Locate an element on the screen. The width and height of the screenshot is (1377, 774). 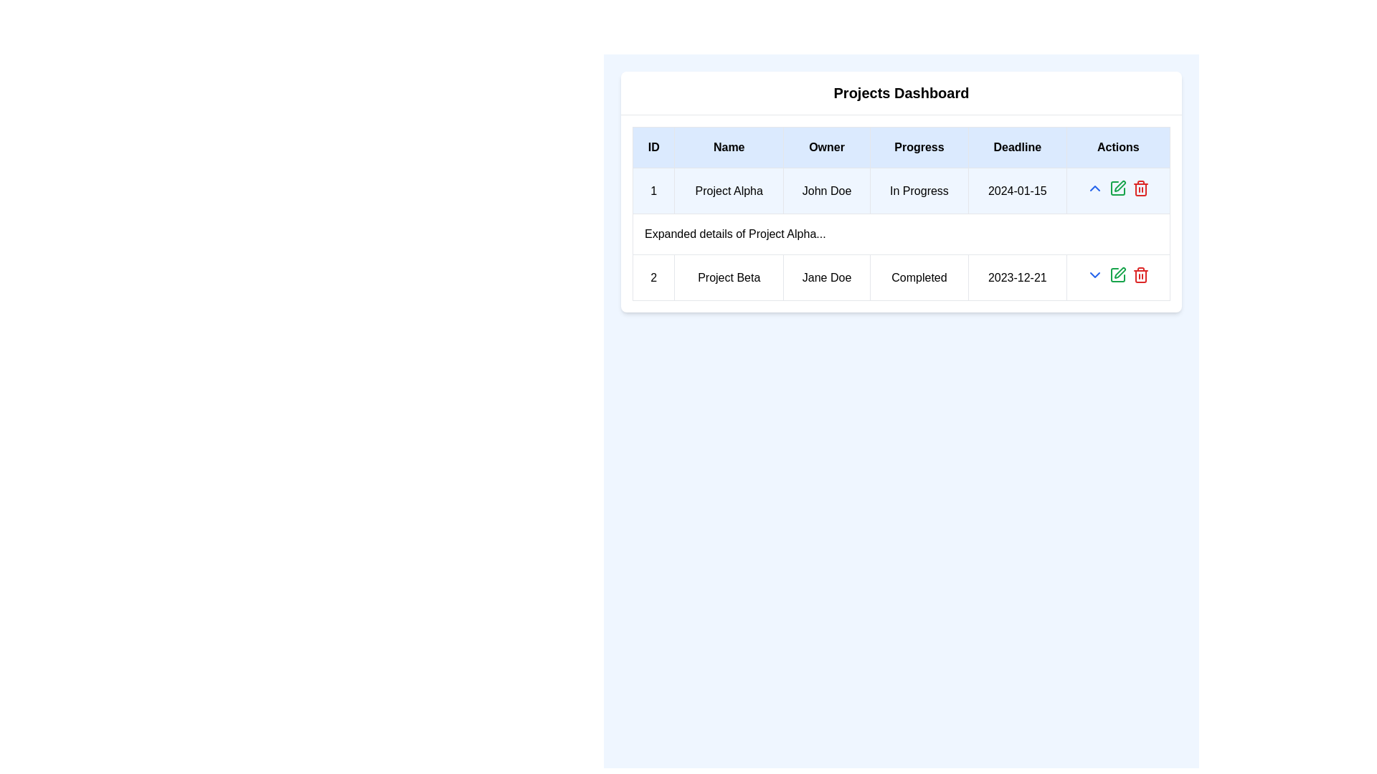
the red trash icon button, which represents the 'delete' action and is the last action button in the row entry is located at coordinates (1140, 275).